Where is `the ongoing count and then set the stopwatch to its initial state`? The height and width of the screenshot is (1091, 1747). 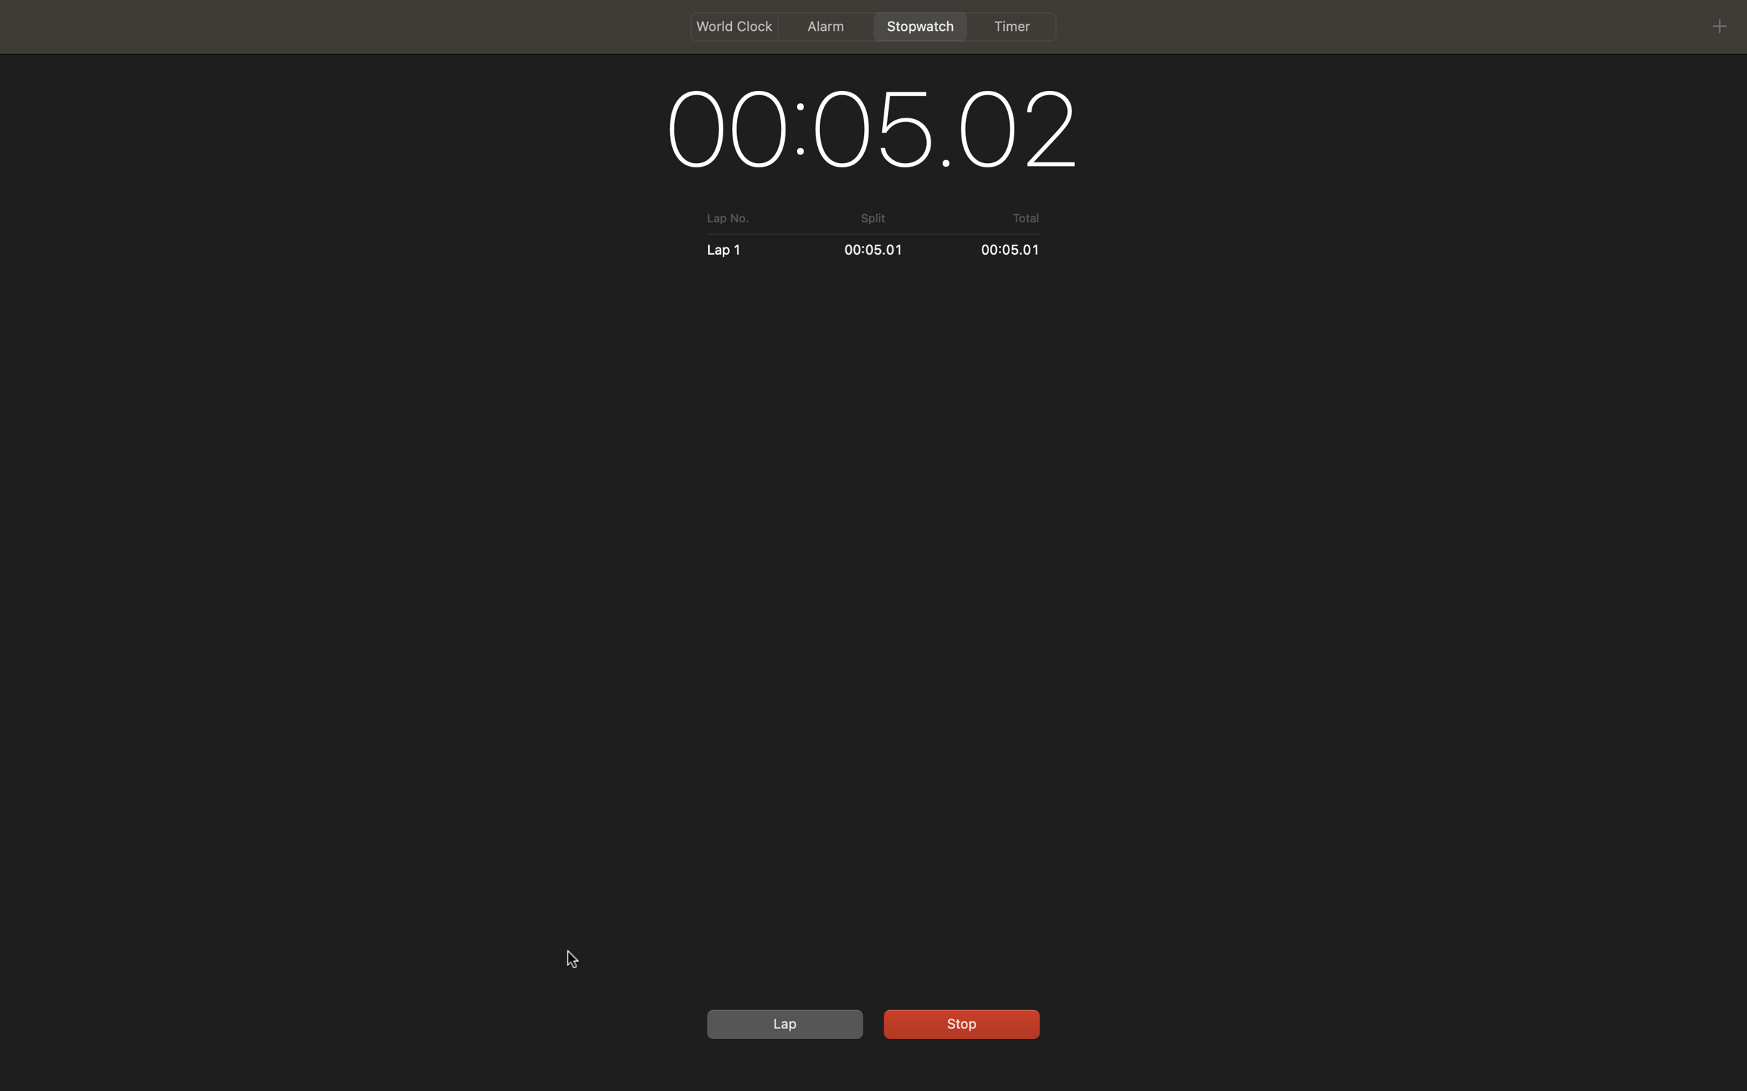
the ongoing count and then set the stopwatch to its initial state is located at coordinates (959, 1022).